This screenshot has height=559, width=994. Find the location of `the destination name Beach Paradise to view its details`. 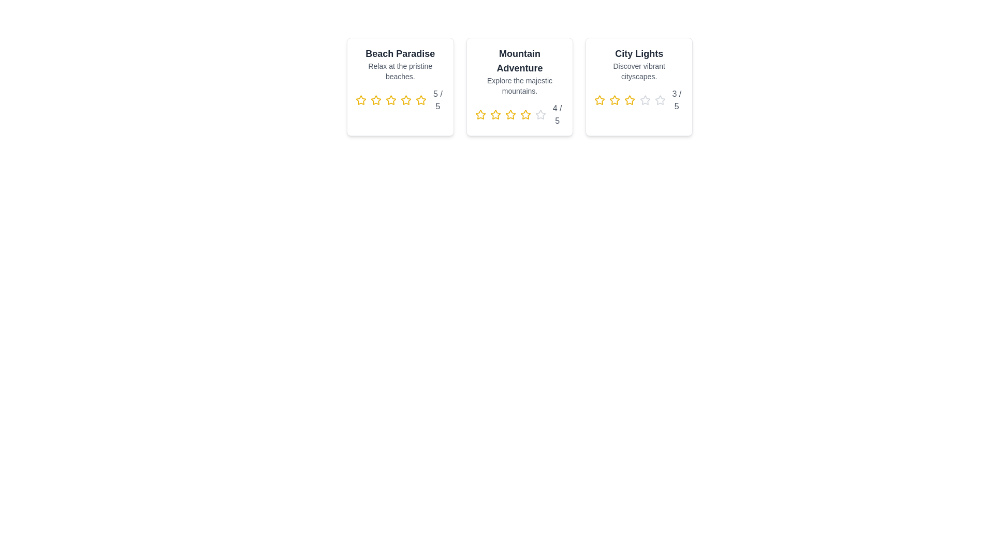

the destination name Beach Paradise to view its details is located at coordinates (399, 54).